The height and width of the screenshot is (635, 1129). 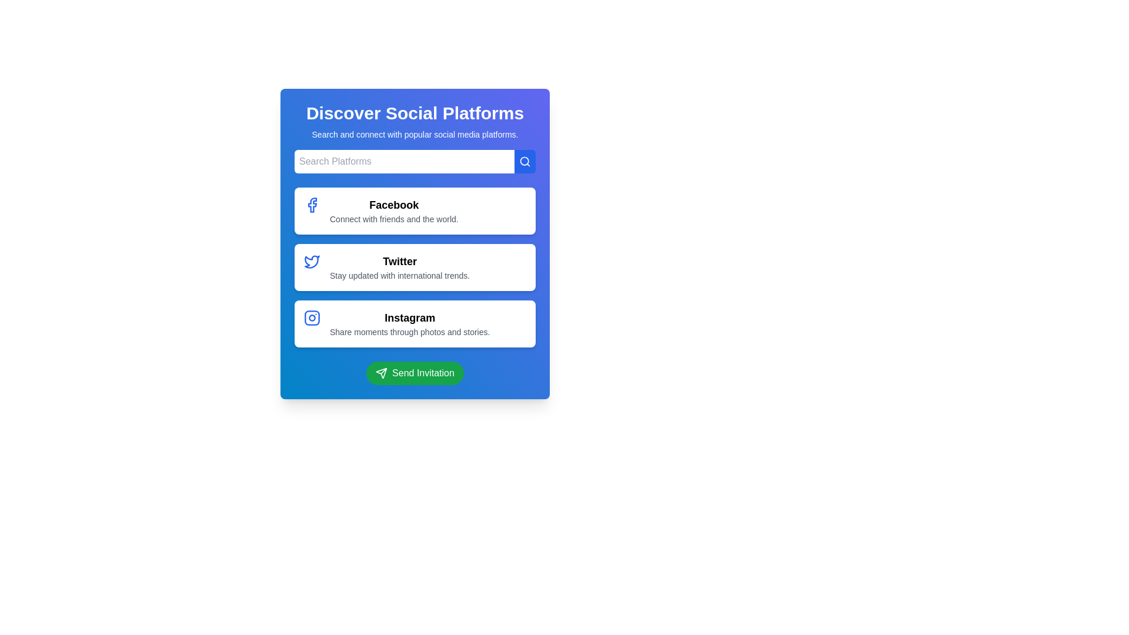 What do you see at coordinates (312, 204) in the screenshot?
I see `the Facebook logo icon, which is a lowercase 'f' inside a rounded rectangle, located in the first row of social platforms to the left of the text 'Facebook'` at bounding box center [312, 204].